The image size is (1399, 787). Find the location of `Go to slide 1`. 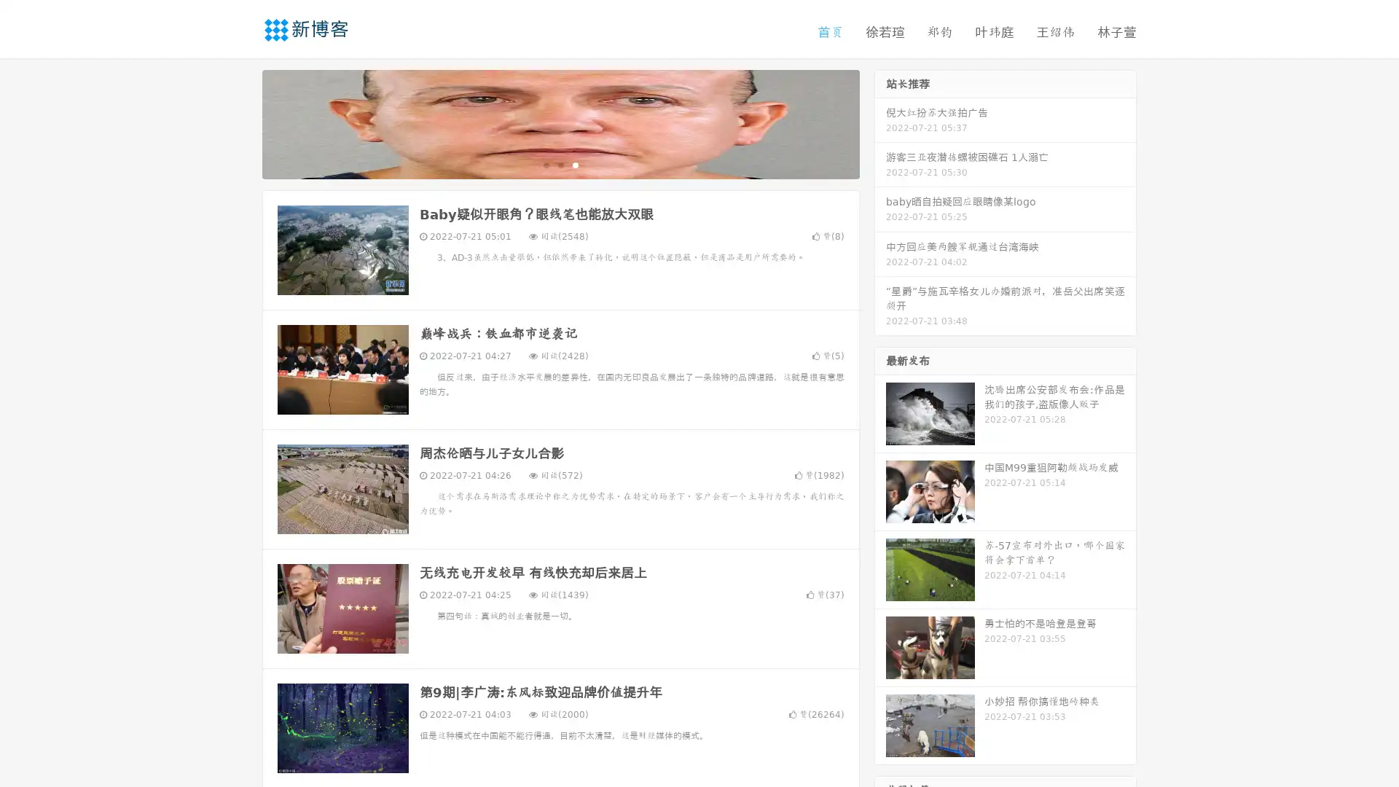

Go to slide 1 is located at coordinates (545, 164).